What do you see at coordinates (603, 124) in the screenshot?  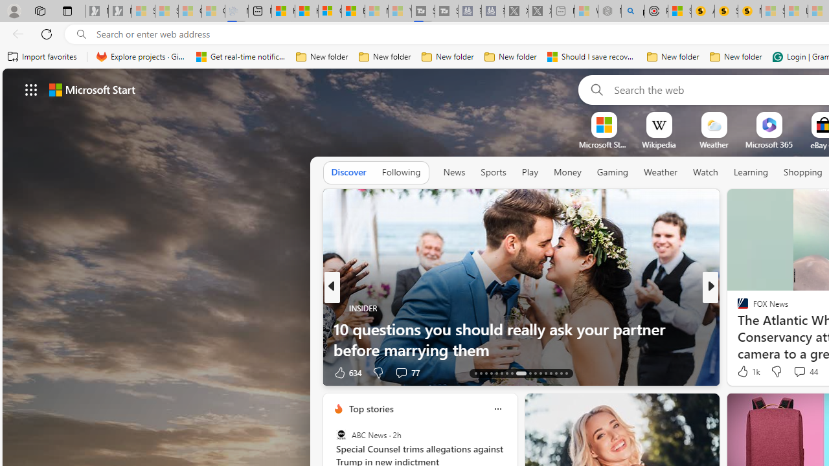 I see `'To get missing image descriptions, open the context menu.'` at bounding box center [603, 124].